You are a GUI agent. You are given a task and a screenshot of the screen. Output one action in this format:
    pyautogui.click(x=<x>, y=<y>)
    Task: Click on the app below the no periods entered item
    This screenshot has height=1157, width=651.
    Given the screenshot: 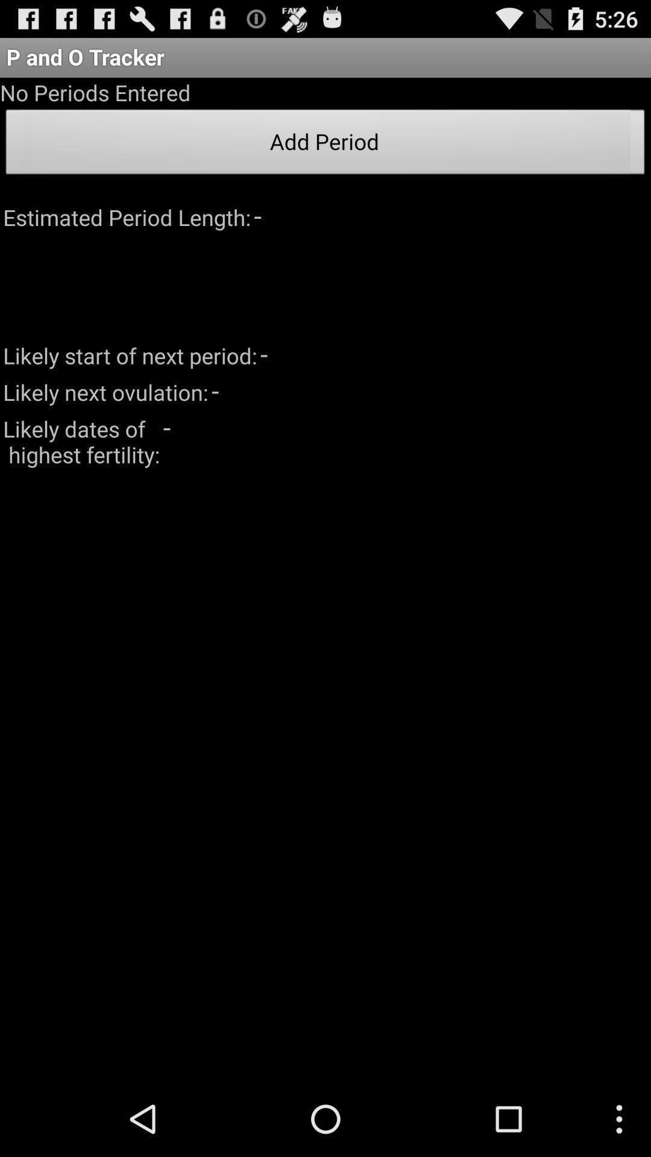 What is the action you would take?
    pyautogui.click(x=325, y=145)
    